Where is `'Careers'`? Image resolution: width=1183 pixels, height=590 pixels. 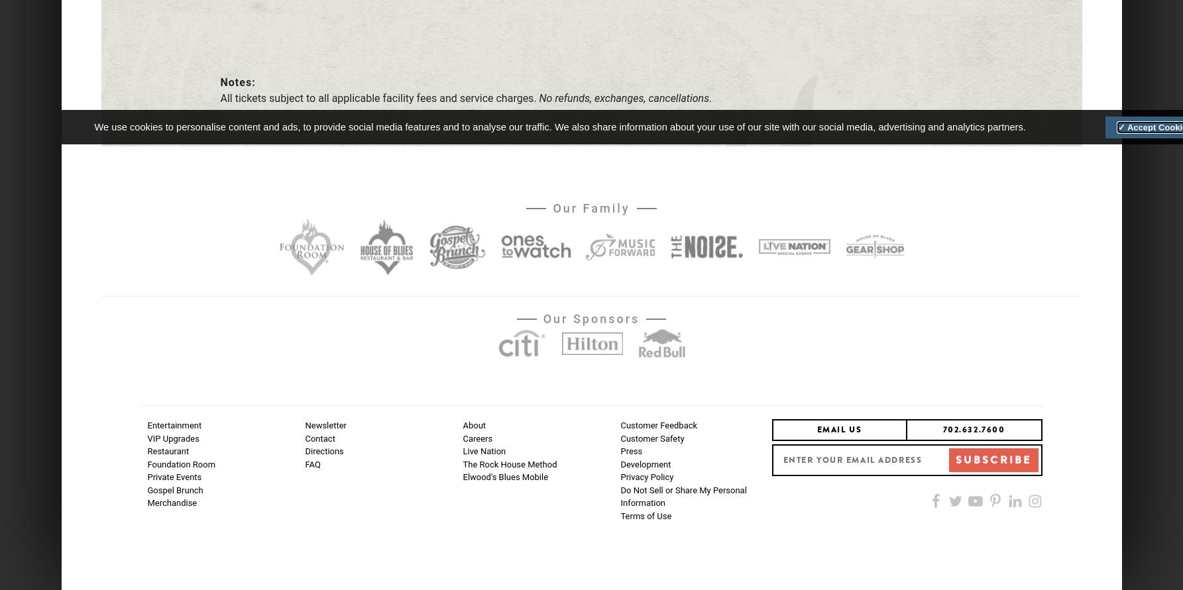 'Careers' is located at coordinates (477, 437).